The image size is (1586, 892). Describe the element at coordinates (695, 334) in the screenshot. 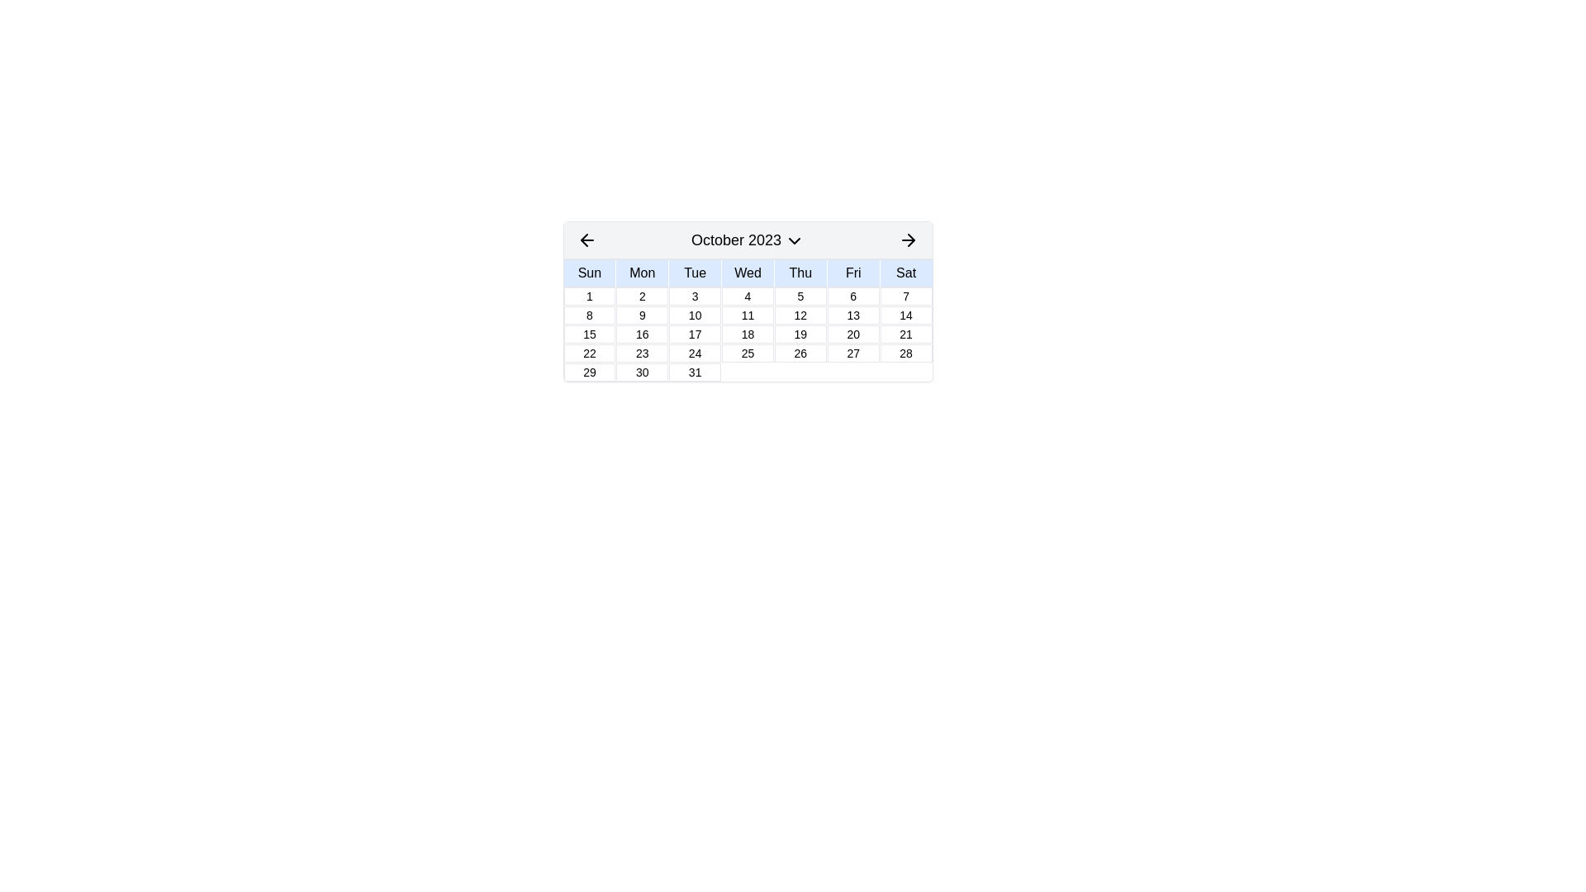

I see `the static text representing the date '17' in the third column of the third row in the calendar` at that location.